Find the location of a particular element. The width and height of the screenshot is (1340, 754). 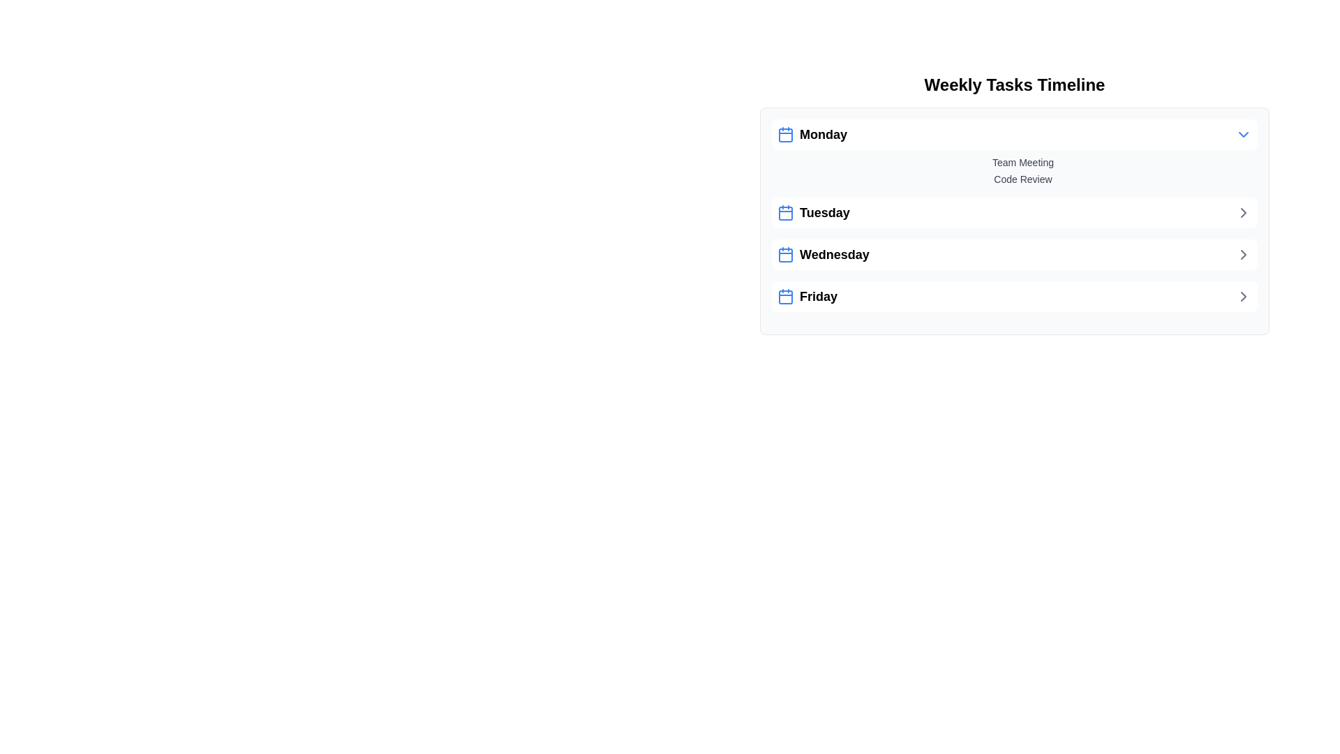

the filled rectangle within the calendar icon SVG that highlights a key date or active state is located at coordinates (786, 256).